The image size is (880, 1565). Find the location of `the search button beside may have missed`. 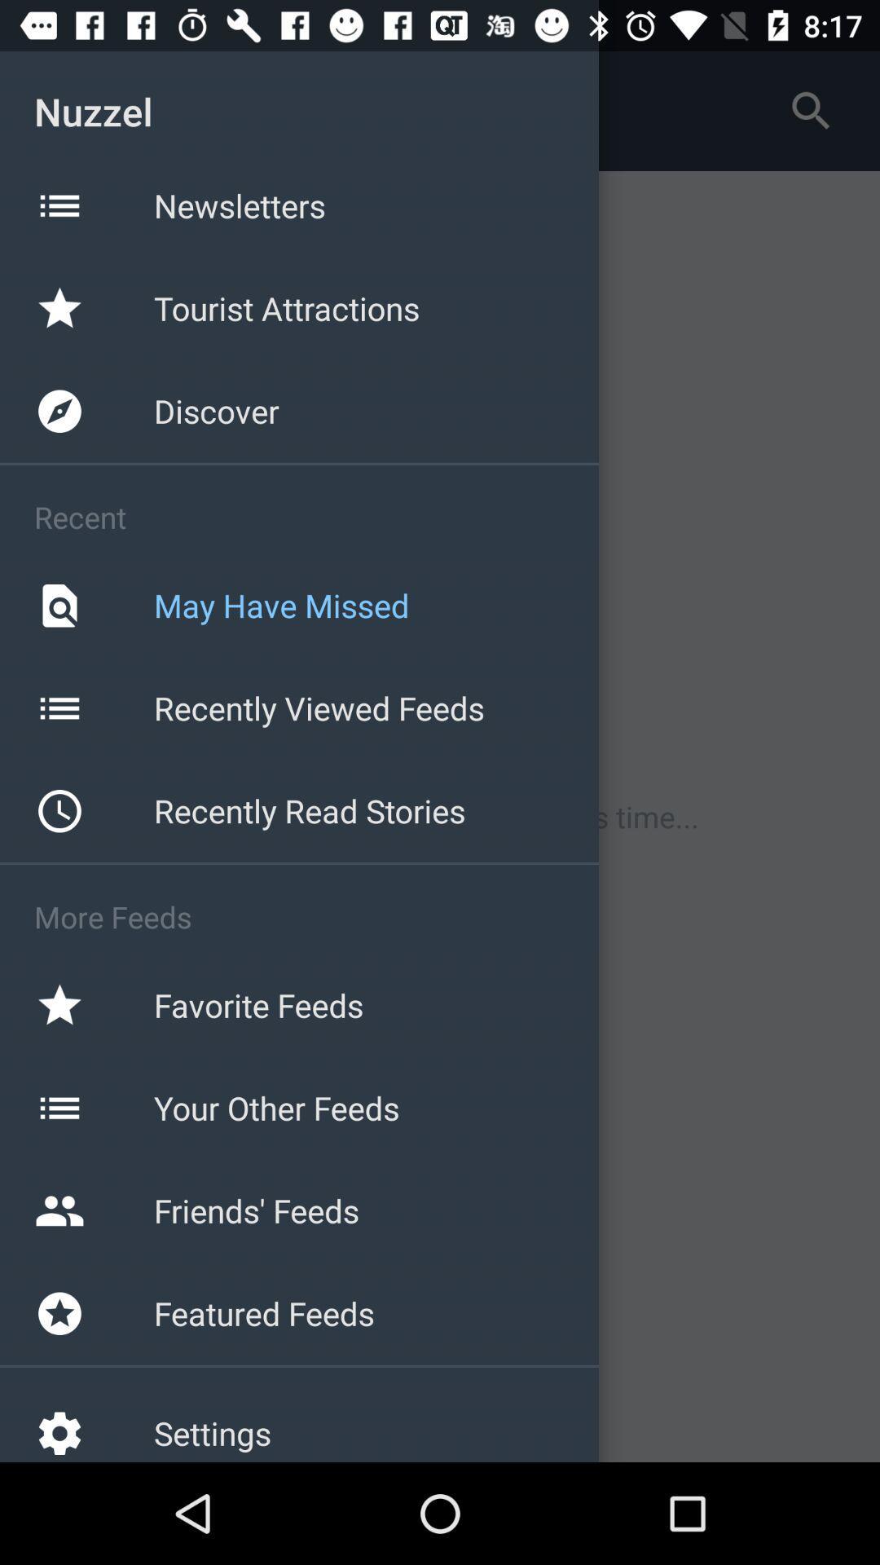

the search button beside may have missed is located at coordinates (59, 605).